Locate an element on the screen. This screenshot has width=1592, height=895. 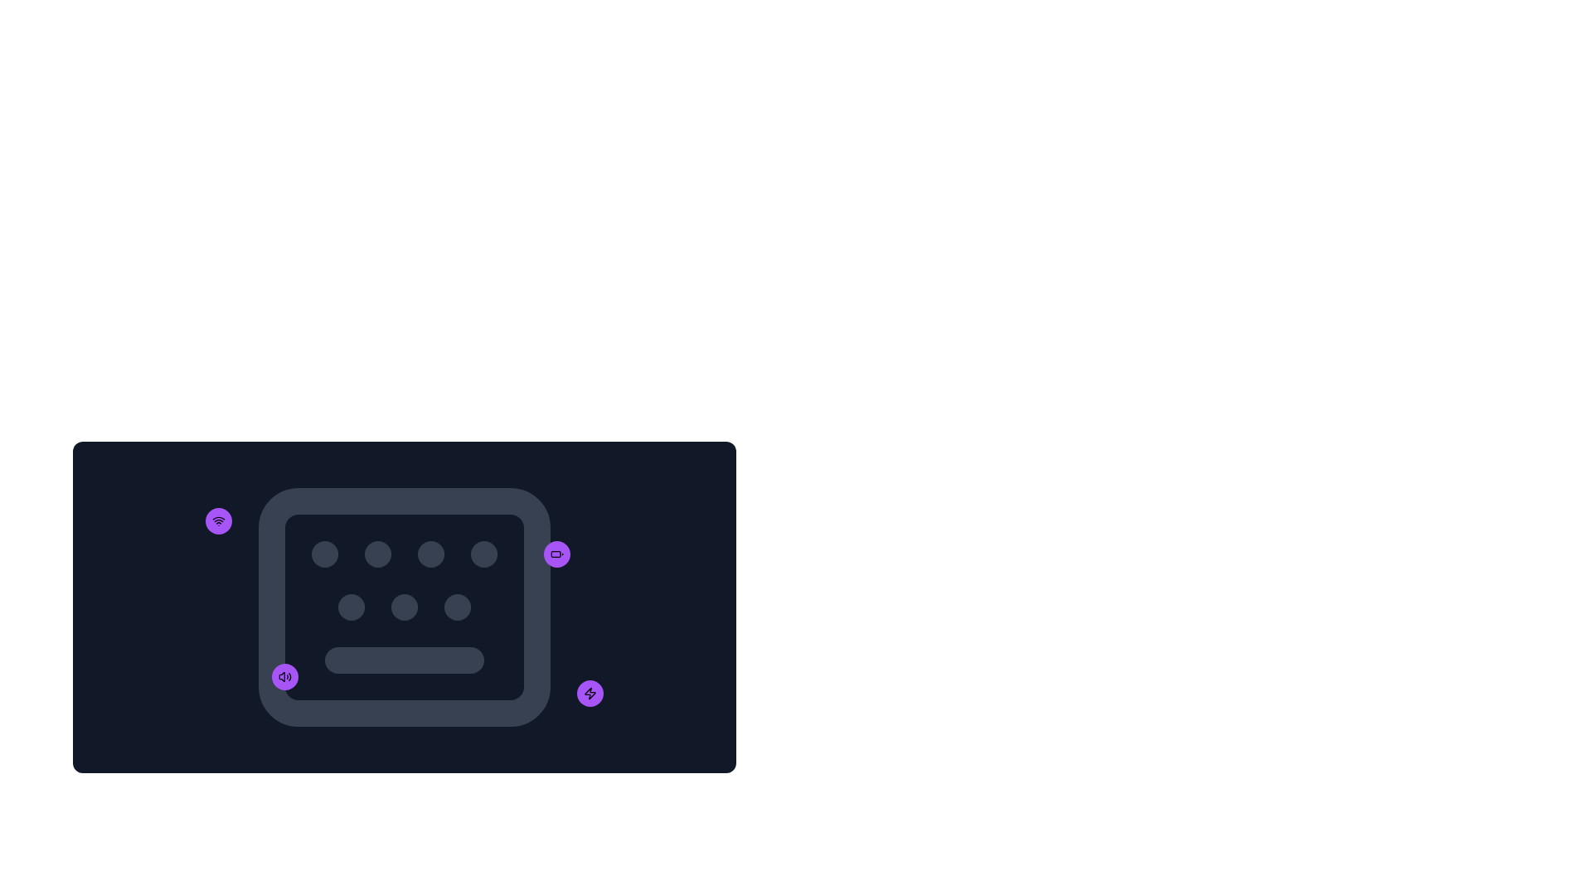
the circular purple button with a white Wi-Fi symbol is located at coordinates (218, 520).